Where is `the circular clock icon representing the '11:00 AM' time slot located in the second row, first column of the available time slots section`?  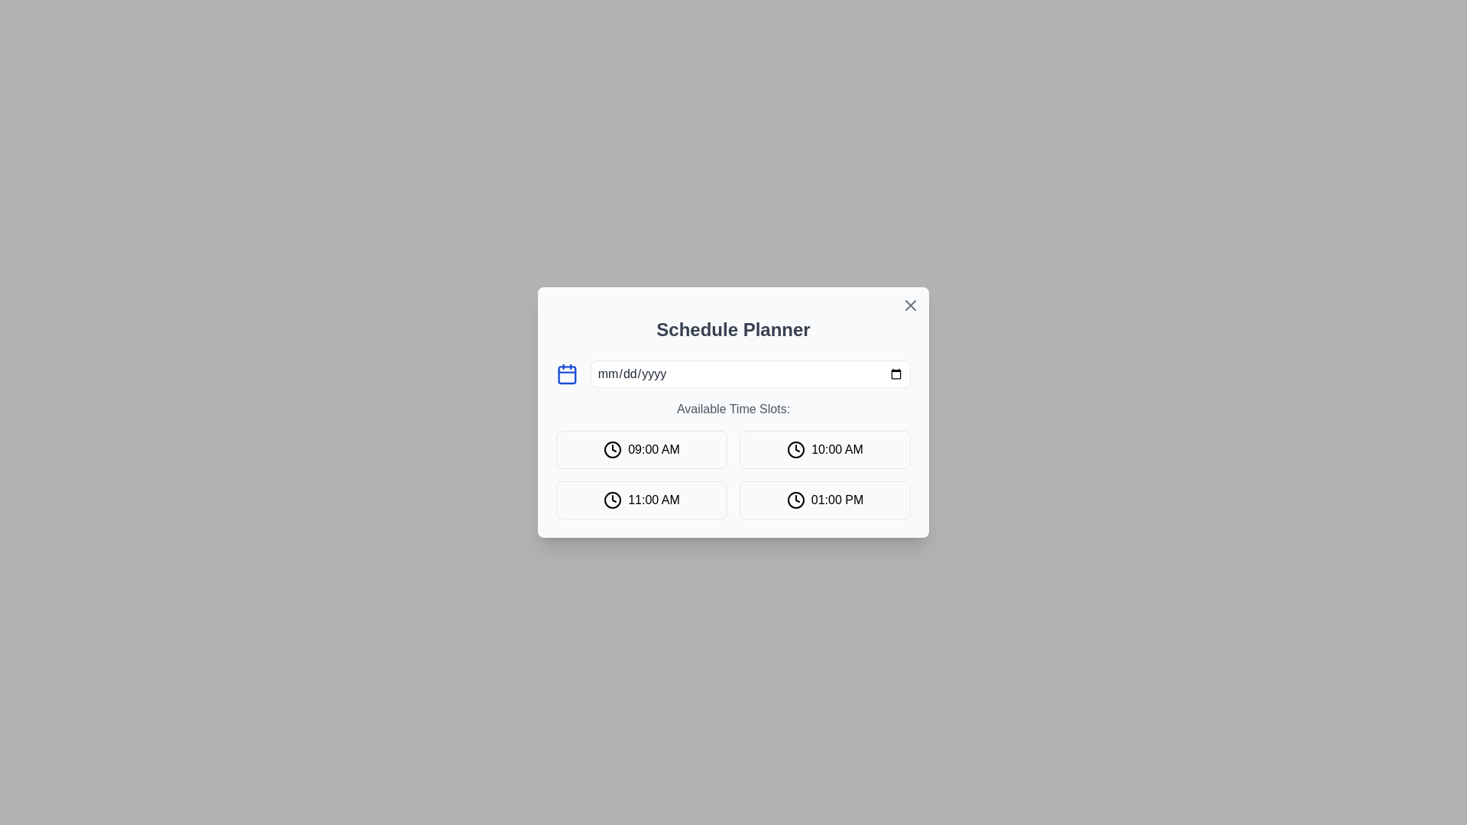 the circular clock icon representing the '11:00 AM' time slot located in the second row, first column of the available time slots section is located at coordinates (613, 500).